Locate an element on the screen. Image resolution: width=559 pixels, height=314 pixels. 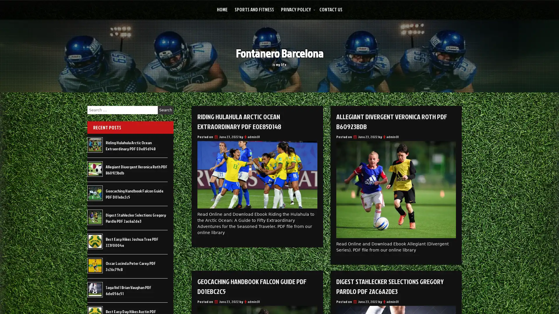
Search is located at coordinates (165, 110).